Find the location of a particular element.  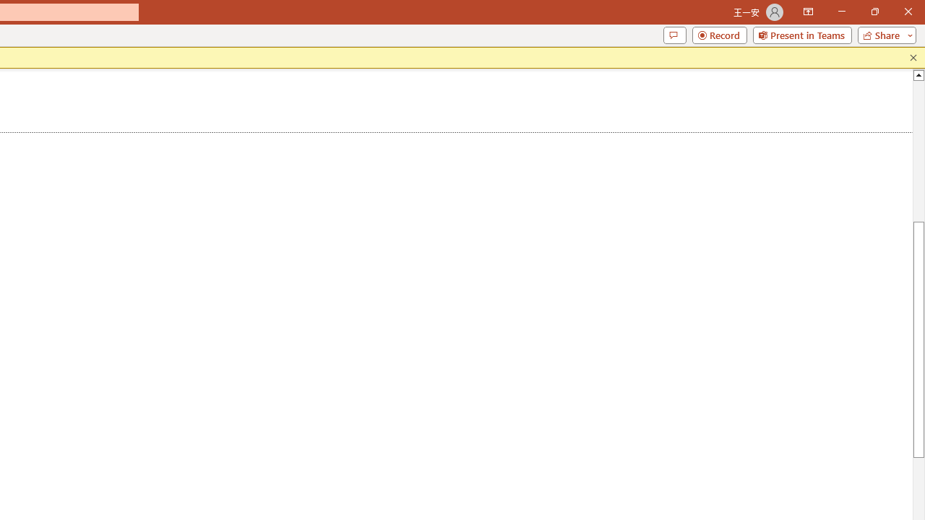

'Share' is located at coordinates (883, 34).